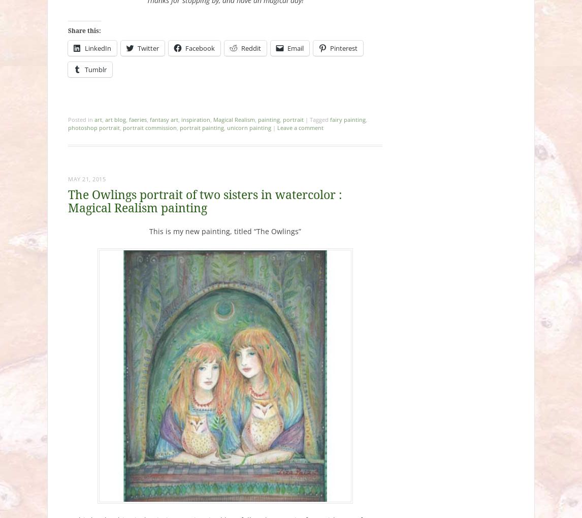  What do you see at coordinates (300, 127) in the screenshot?
I see `'Leave a comment'` at bounding box center [300, 127].